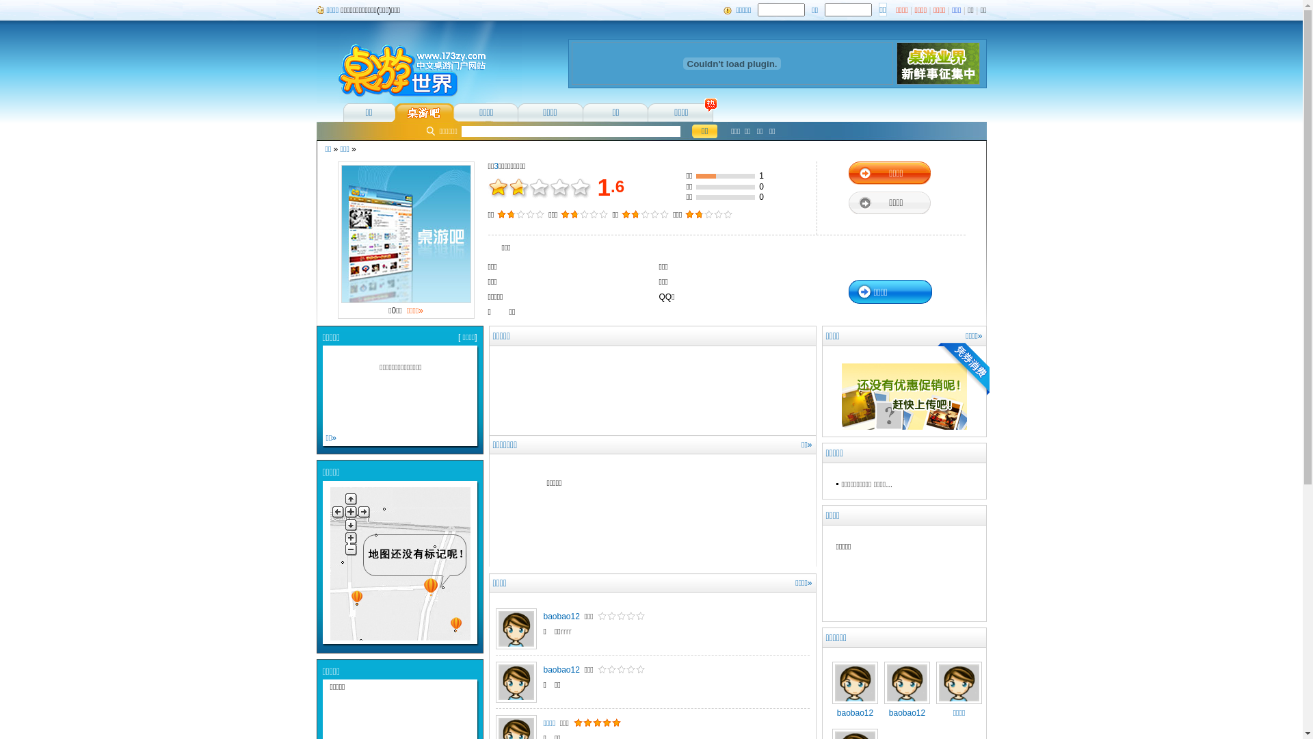  Describe the element at coordinates (853, 708) in the screenshot. I see `'baobao12'` at that location.